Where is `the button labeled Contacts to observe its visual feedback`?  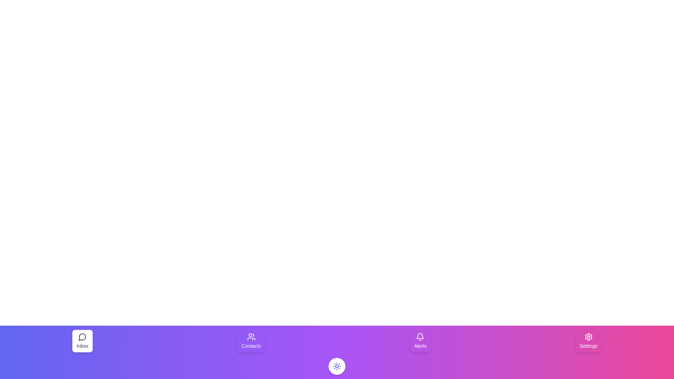
the button labeled Contacts to observe its visual feedback is located at coordinates (251, 341).